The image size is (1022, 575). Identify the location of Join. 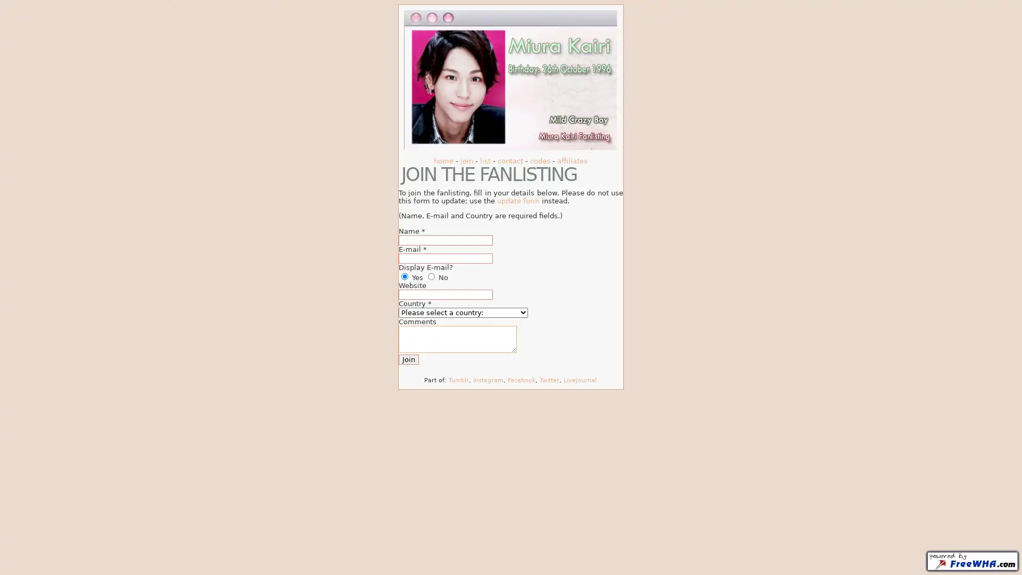
(408, 359).